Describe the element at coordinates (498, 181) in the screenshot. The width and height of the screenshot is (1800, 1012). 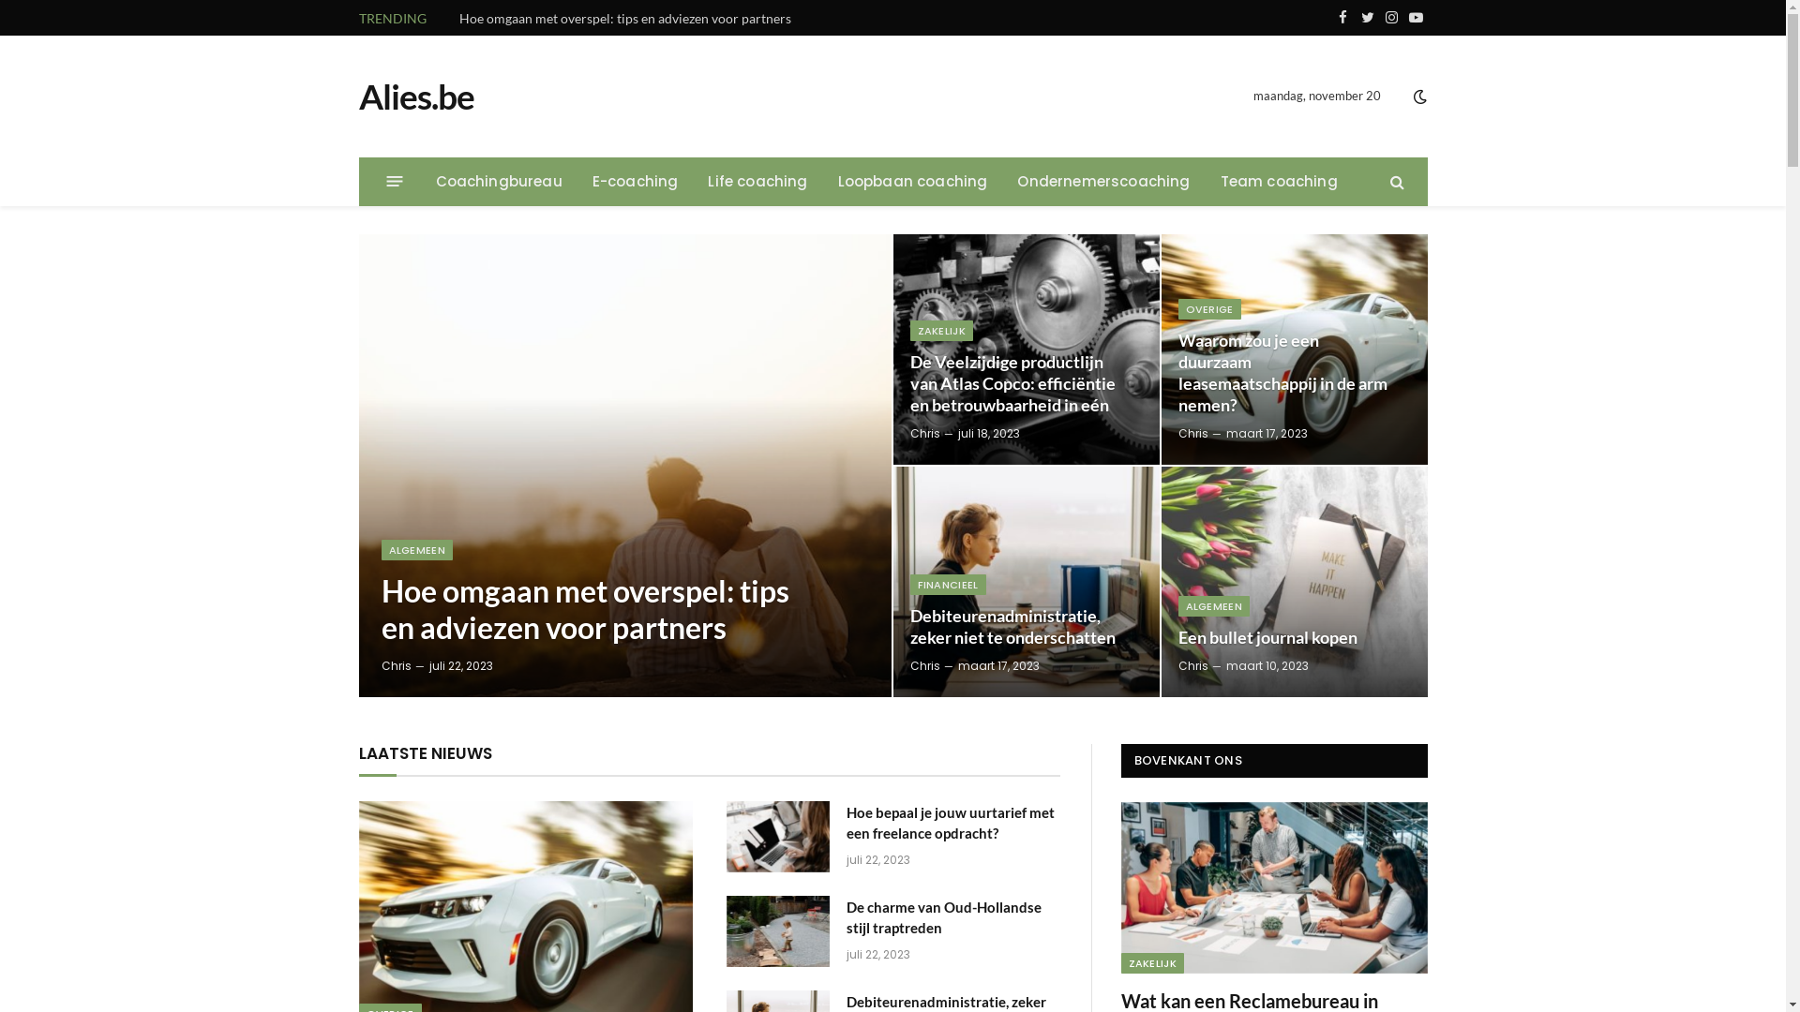
I see `'Coachingbureau'` at that location.